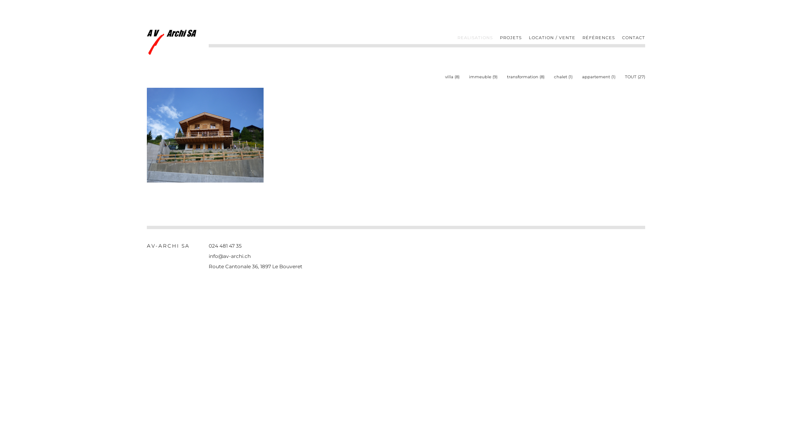 The width and height of the screenshot is (792, 445). Describe the element at coordinates (525, 77) in the screenshot. I see `'transformation (8)'` at that location.